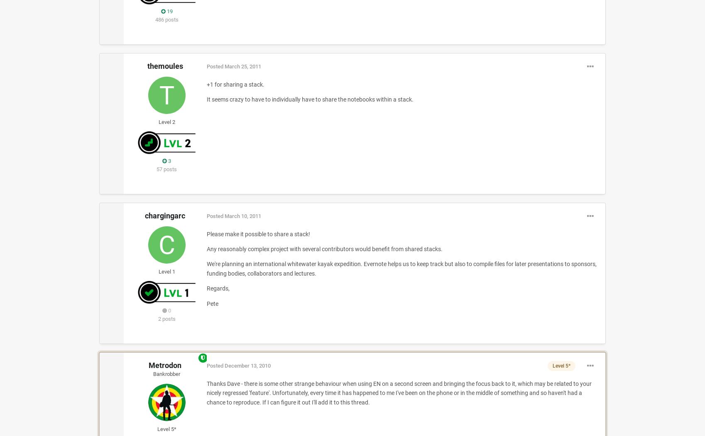  I want to click on 'It seems crazy to have to individually have to share the notebooks within a stack.', so click(309, 99).